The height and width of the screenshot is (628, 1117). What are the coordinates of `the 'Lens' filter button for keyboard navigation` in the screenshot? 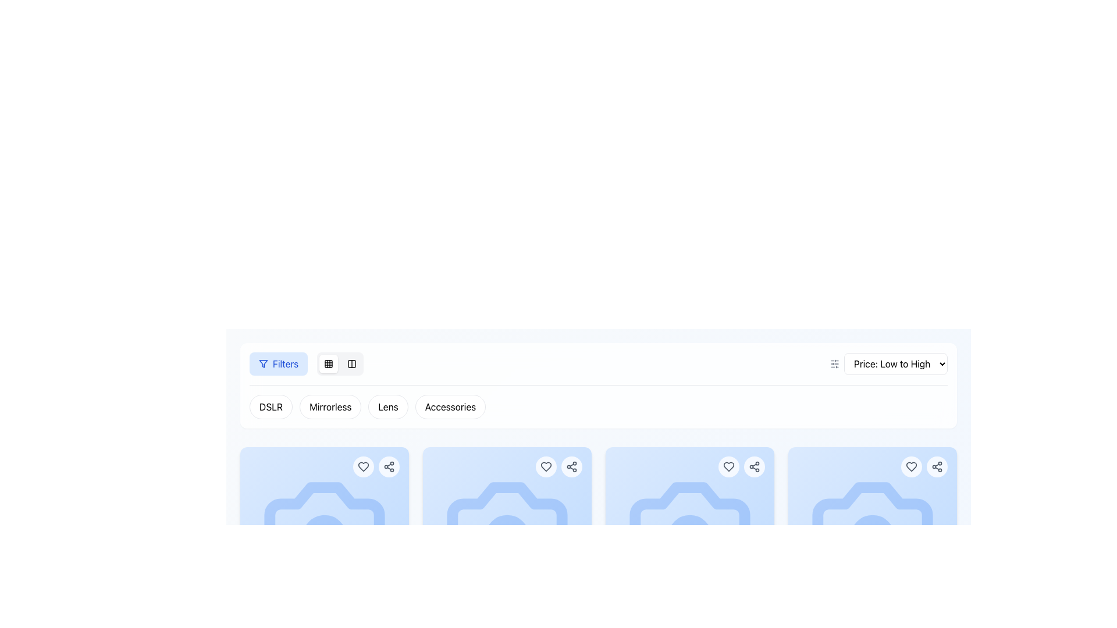 It's located at (388, 406).